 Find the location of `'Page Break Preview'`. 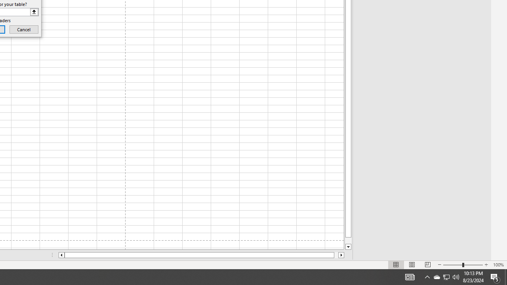

'Page Break Preview' is located at coordinates (427, 265).